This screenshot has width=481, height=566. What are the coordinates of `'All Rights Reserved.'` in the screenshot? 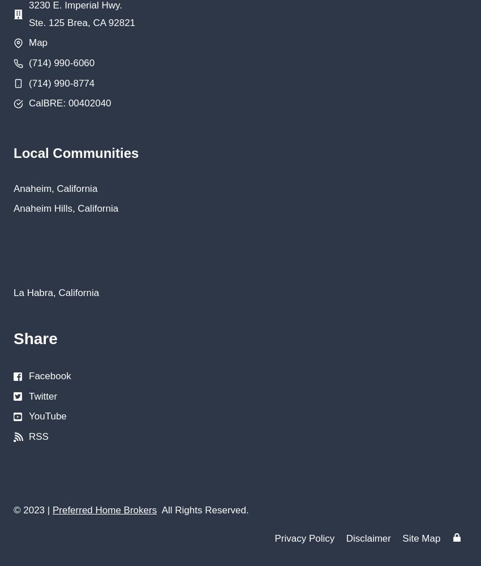 It's located at (156, 510).